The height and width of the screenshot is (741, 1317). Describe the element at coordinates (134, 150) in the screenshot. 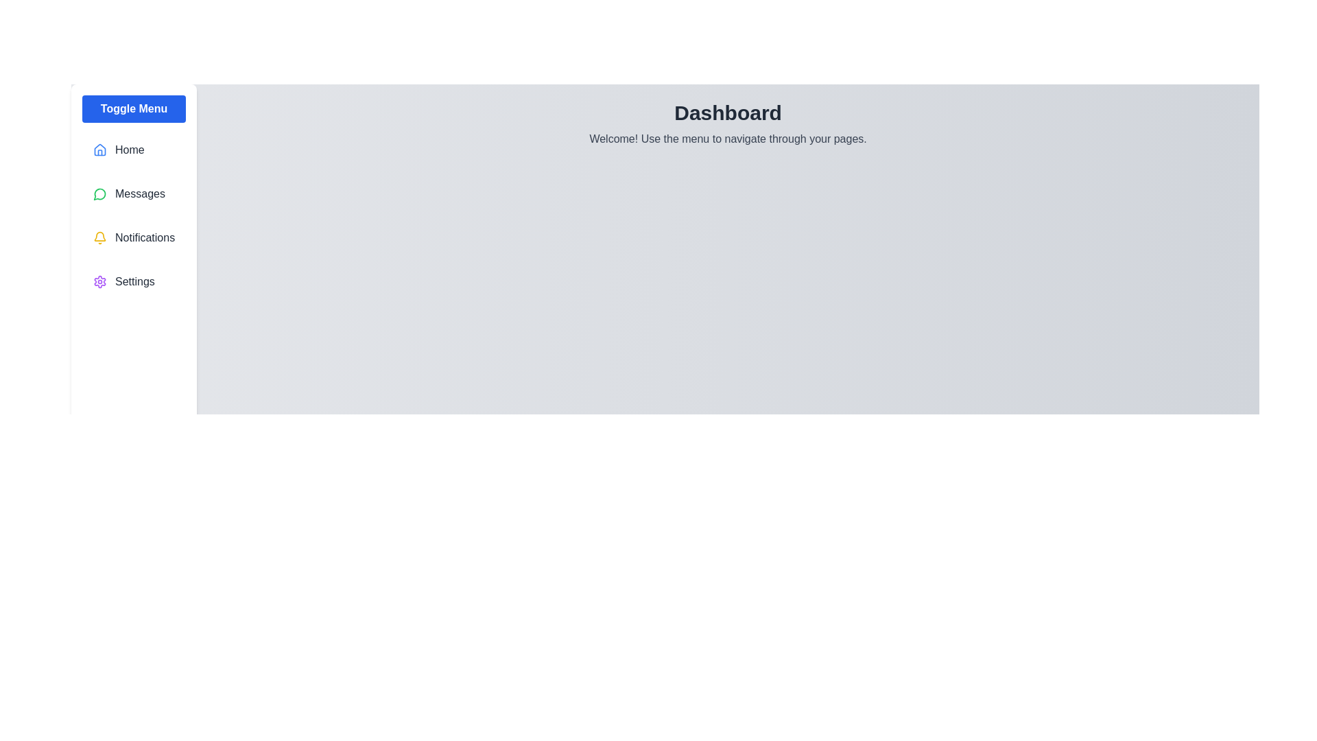

I see `the menu item Home in the sidebar` at that location.